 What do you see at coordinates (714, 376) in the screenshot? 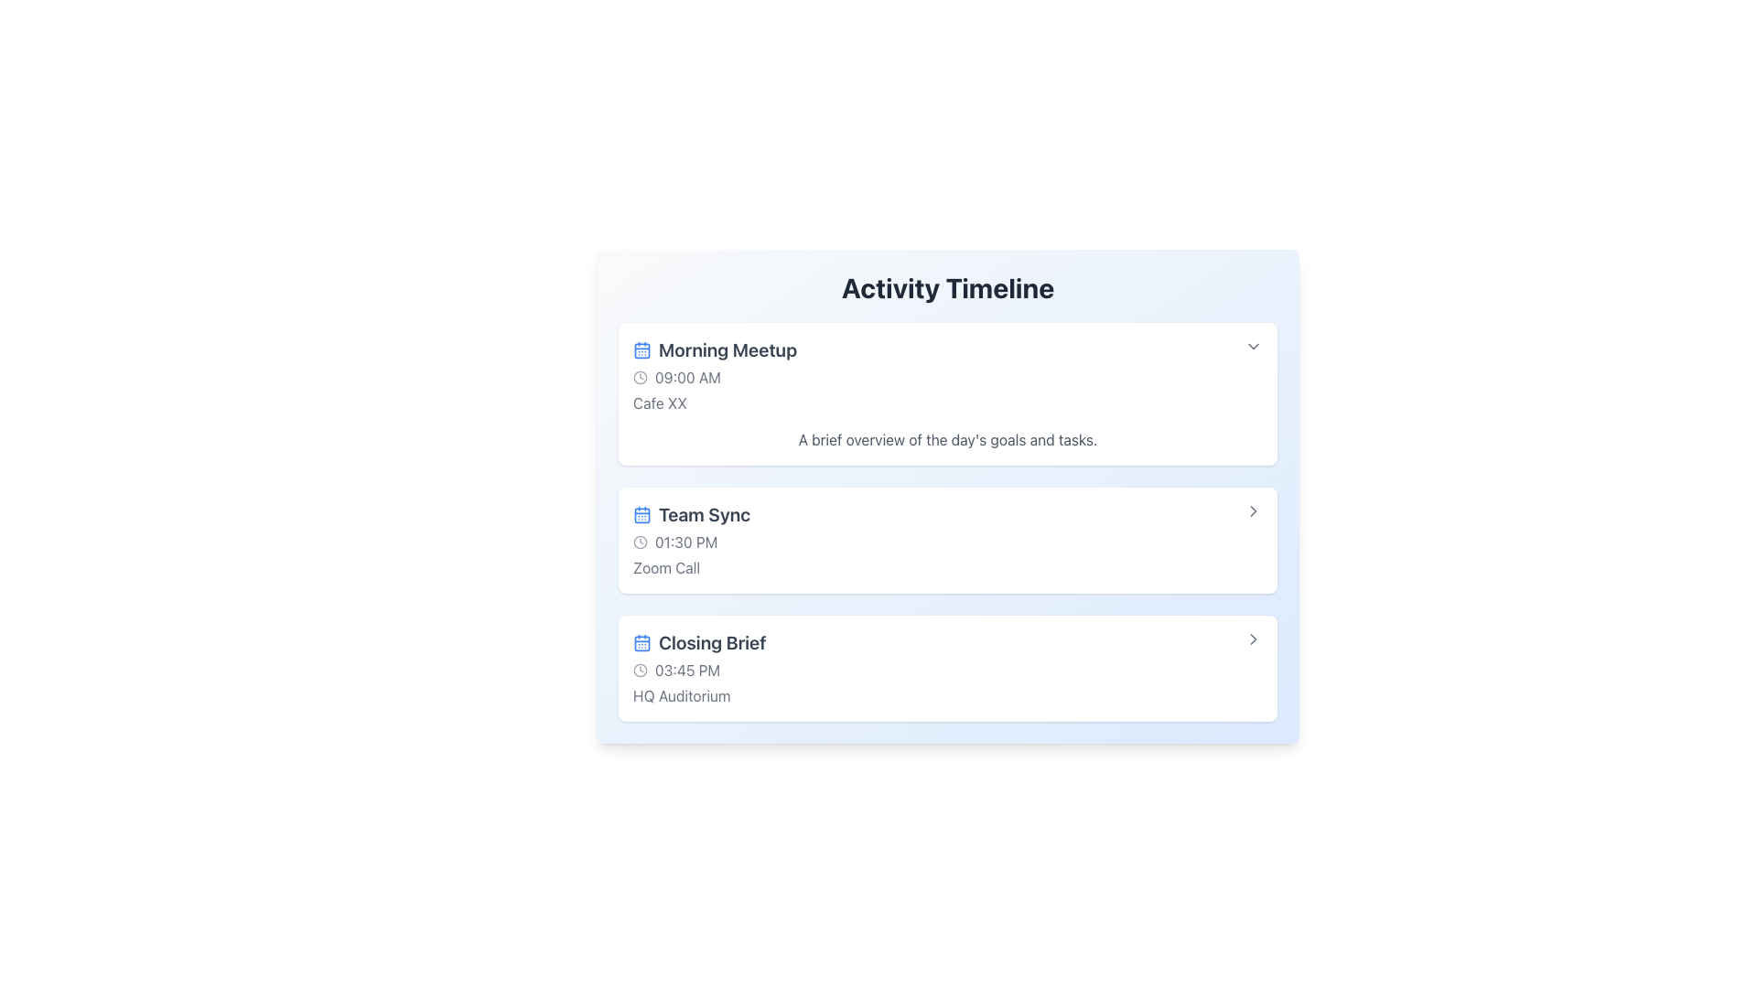
I see `the Timestamp with icon for the 'Morning Meetup' event, which is located directly below the title and above 'Cafe XX'` at bounding box center [714, 376].